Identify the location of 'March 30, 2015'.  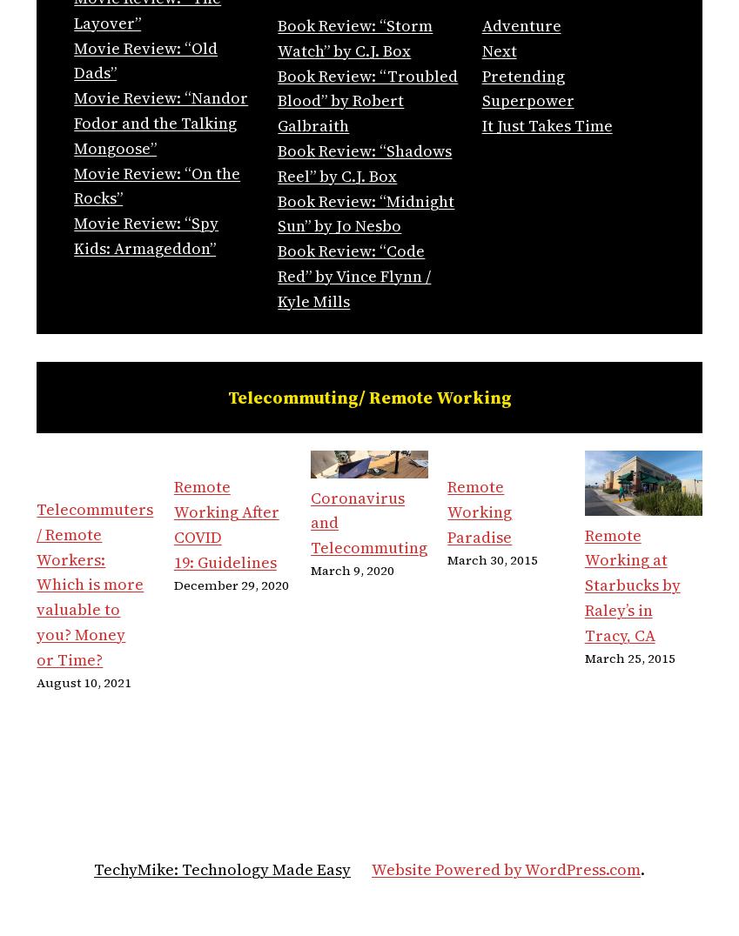
(446, 607).